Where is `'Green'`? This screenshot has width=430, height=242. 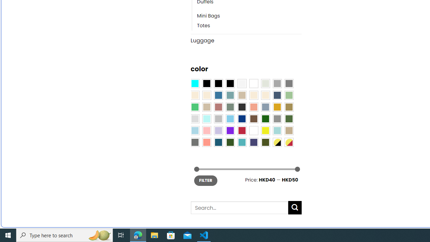 'Green' is located at coordinates (289, 119).